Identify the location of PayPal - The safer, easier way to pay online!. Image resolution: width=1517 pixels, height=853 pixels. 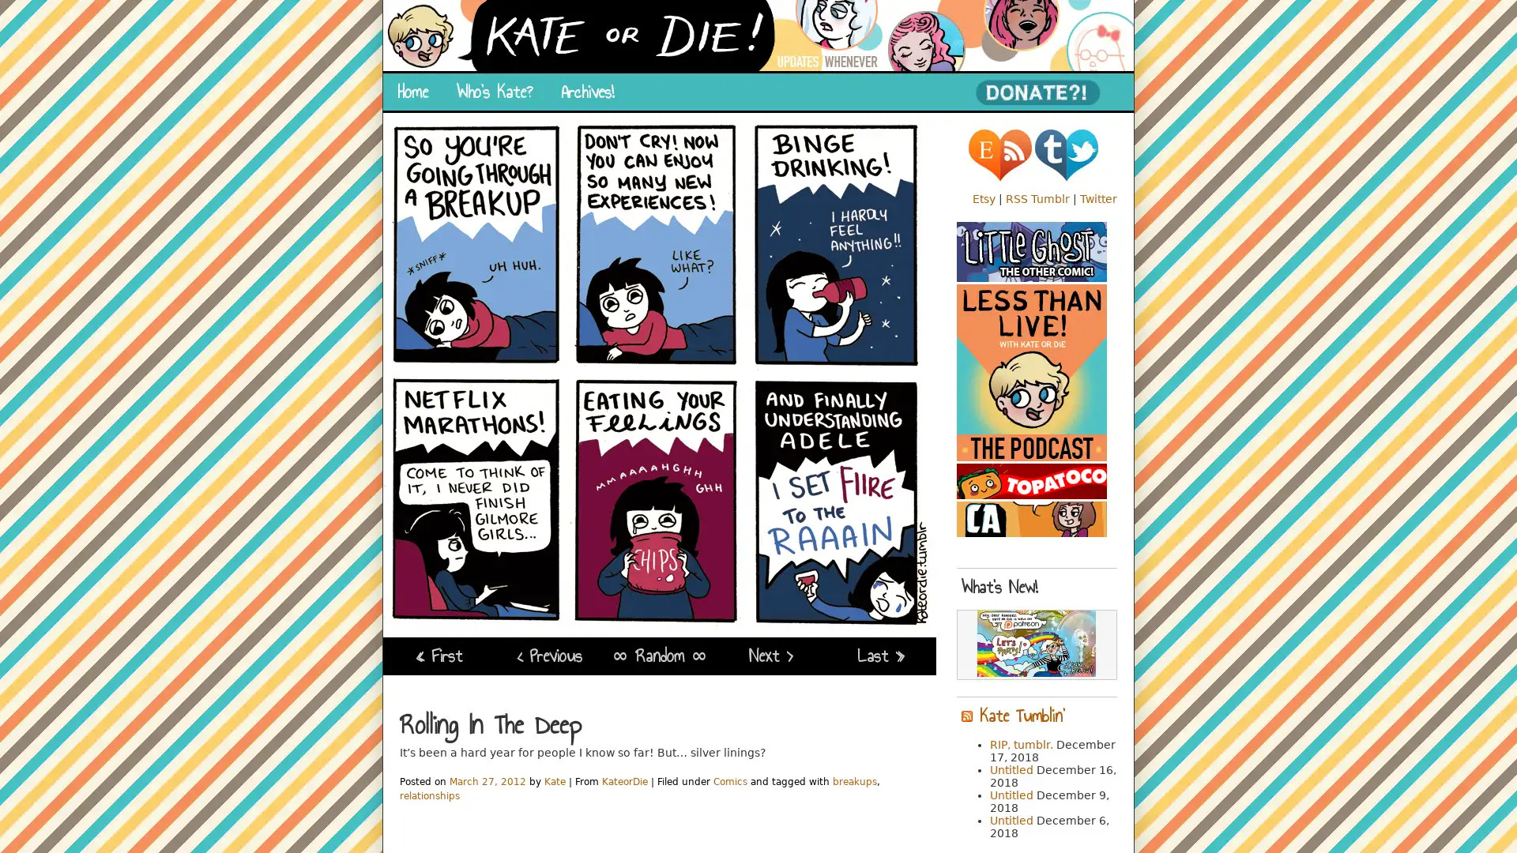
(1037, 92).